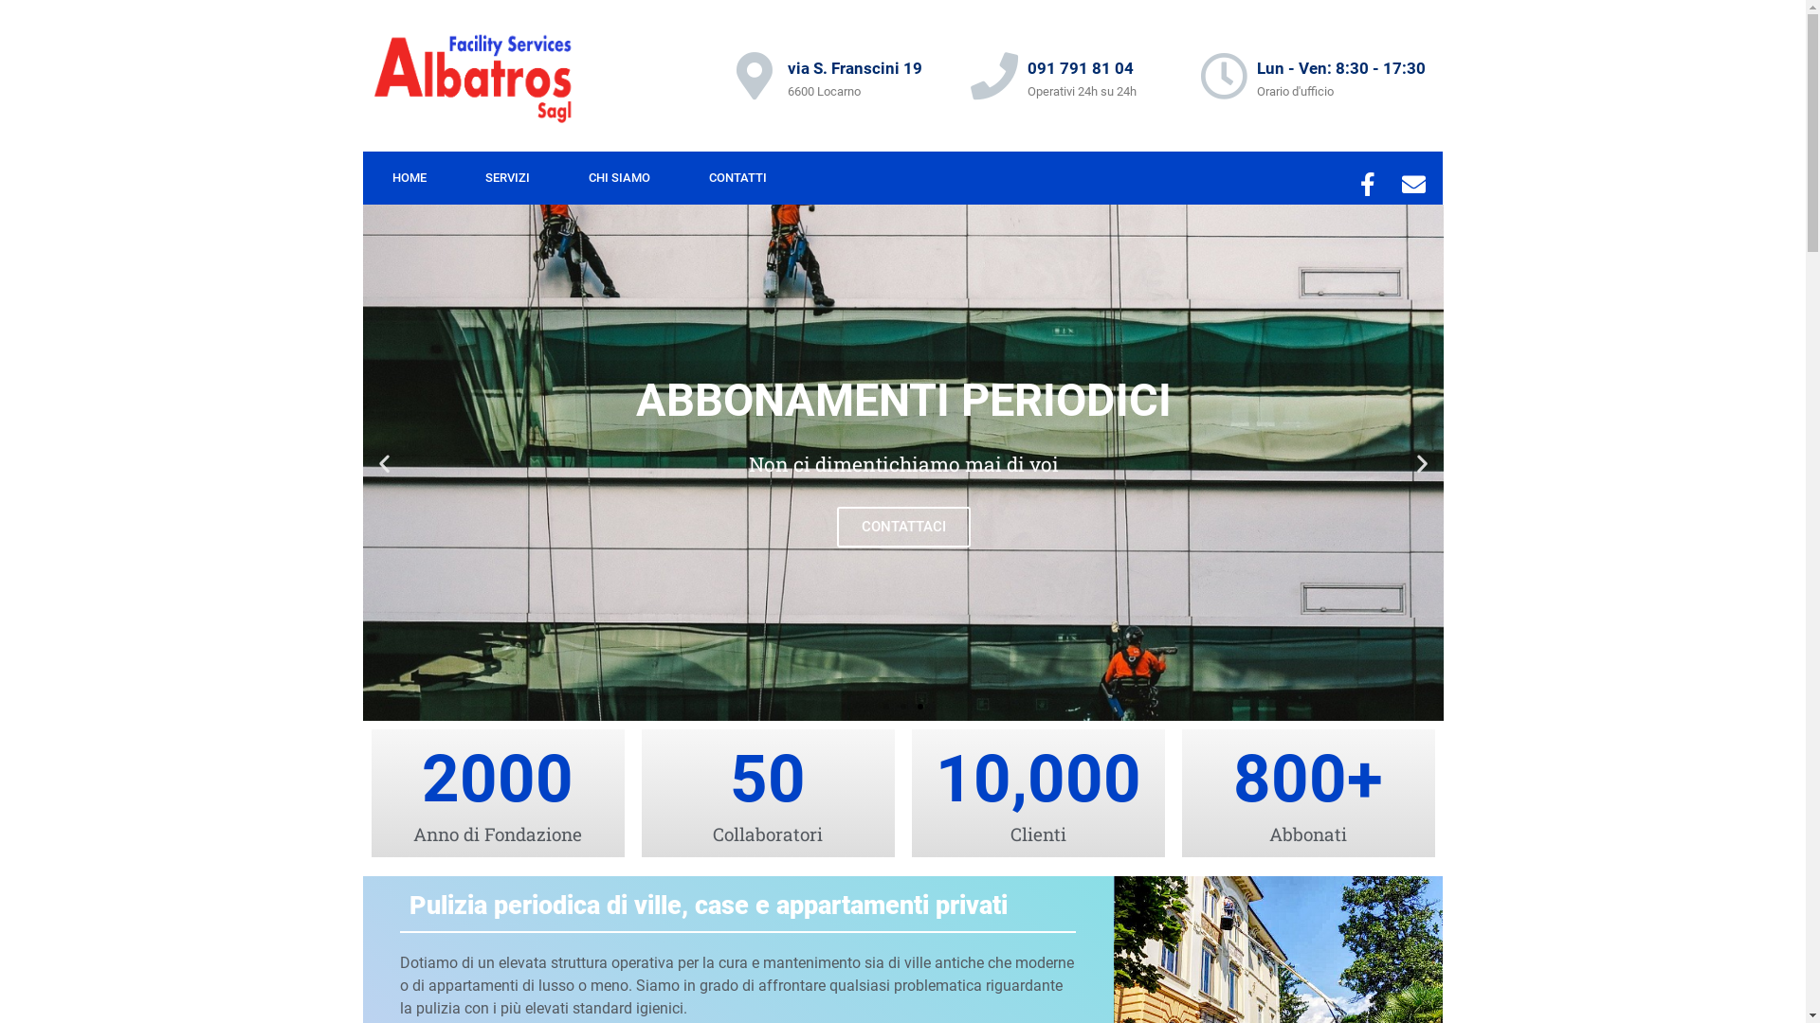 The height and width of the screenshot is (1023, 1820). What do you see at coordinates (619, 178) in the screenshot?
I see `'CHI SIAMO'` at bounding box center [619, 178].